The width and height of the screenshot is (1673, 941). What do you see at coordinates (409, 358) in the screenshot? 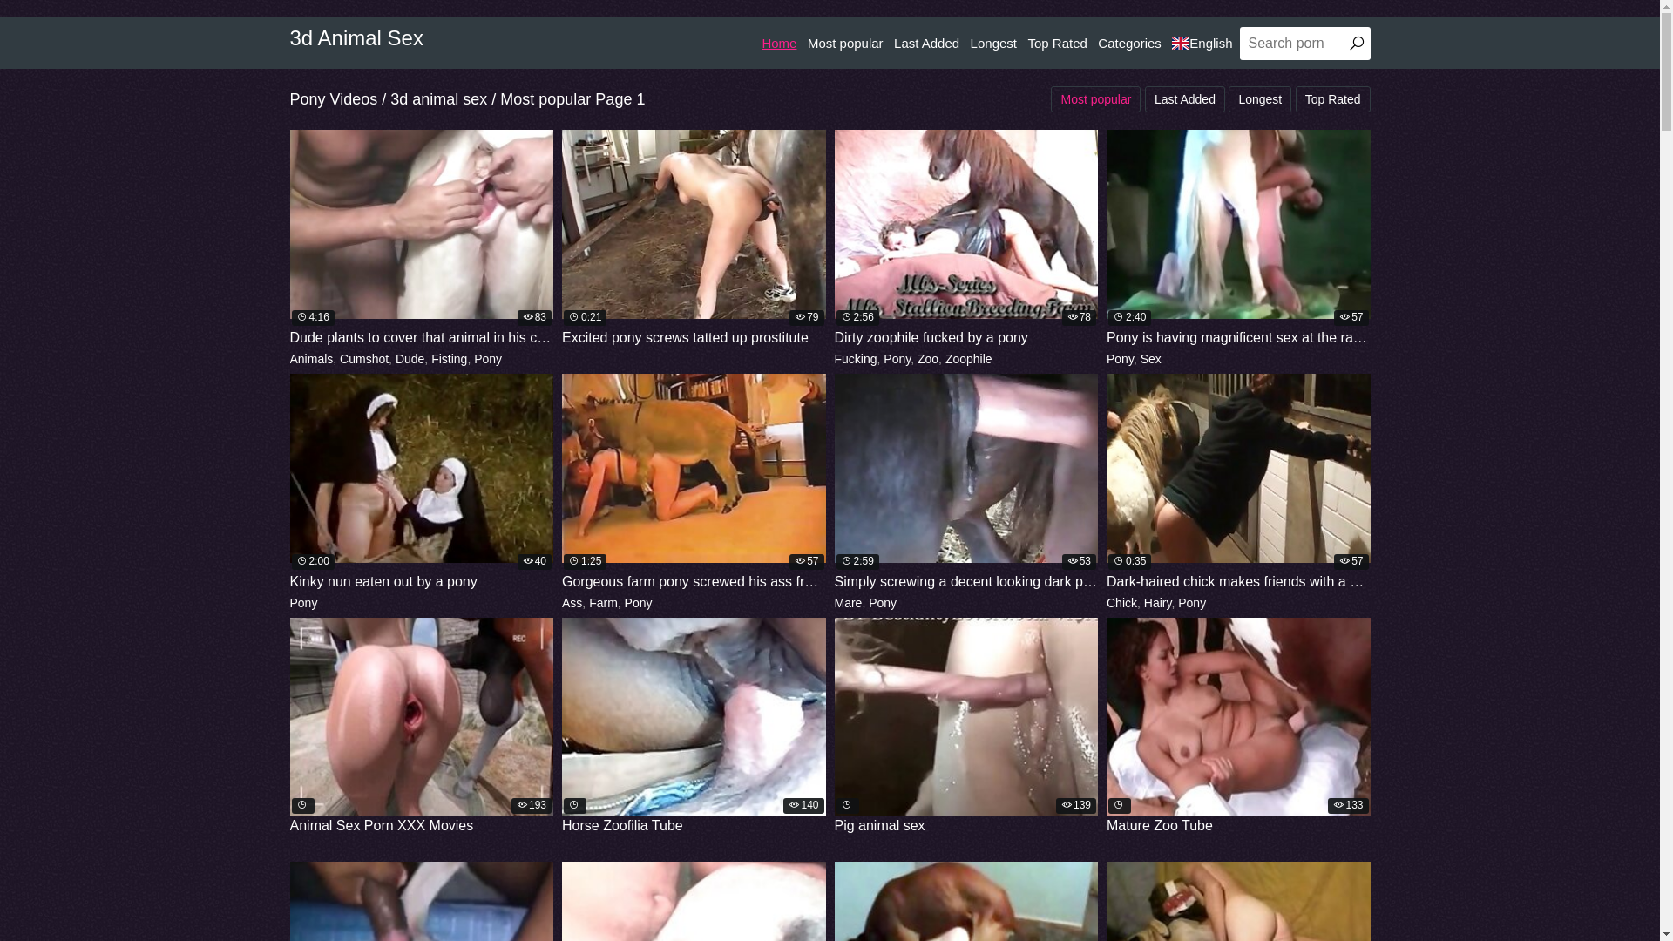
I see `'Dude'` at bounding box center [409, 358].